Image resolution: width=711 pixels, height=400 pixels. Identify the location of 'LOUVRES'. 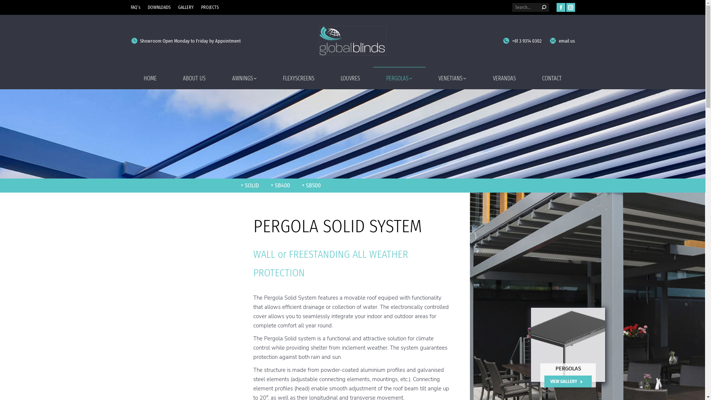
(327, 78).